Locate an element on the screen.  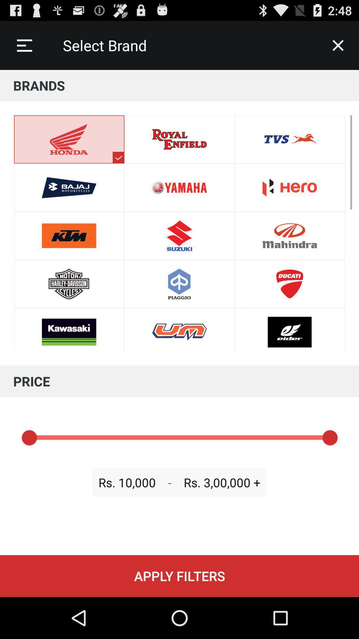
the third logo below brands is located at coordinates (69, 236).